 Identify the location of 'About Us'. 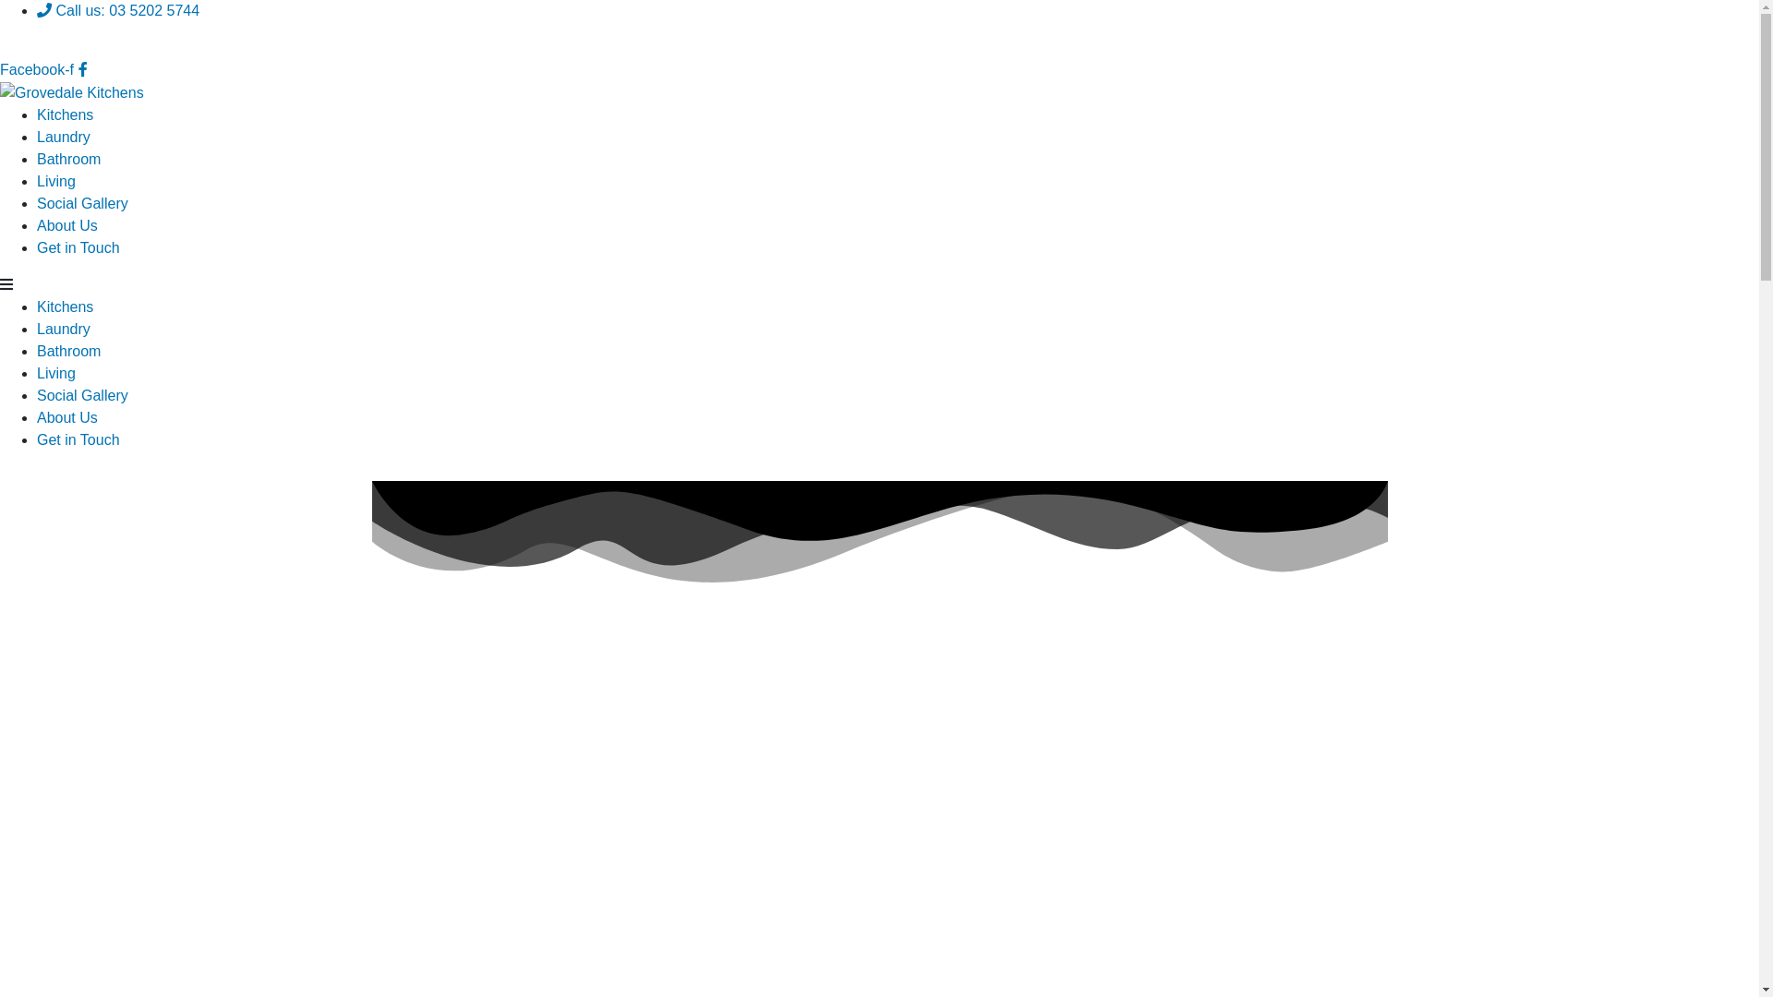
(36, 417).